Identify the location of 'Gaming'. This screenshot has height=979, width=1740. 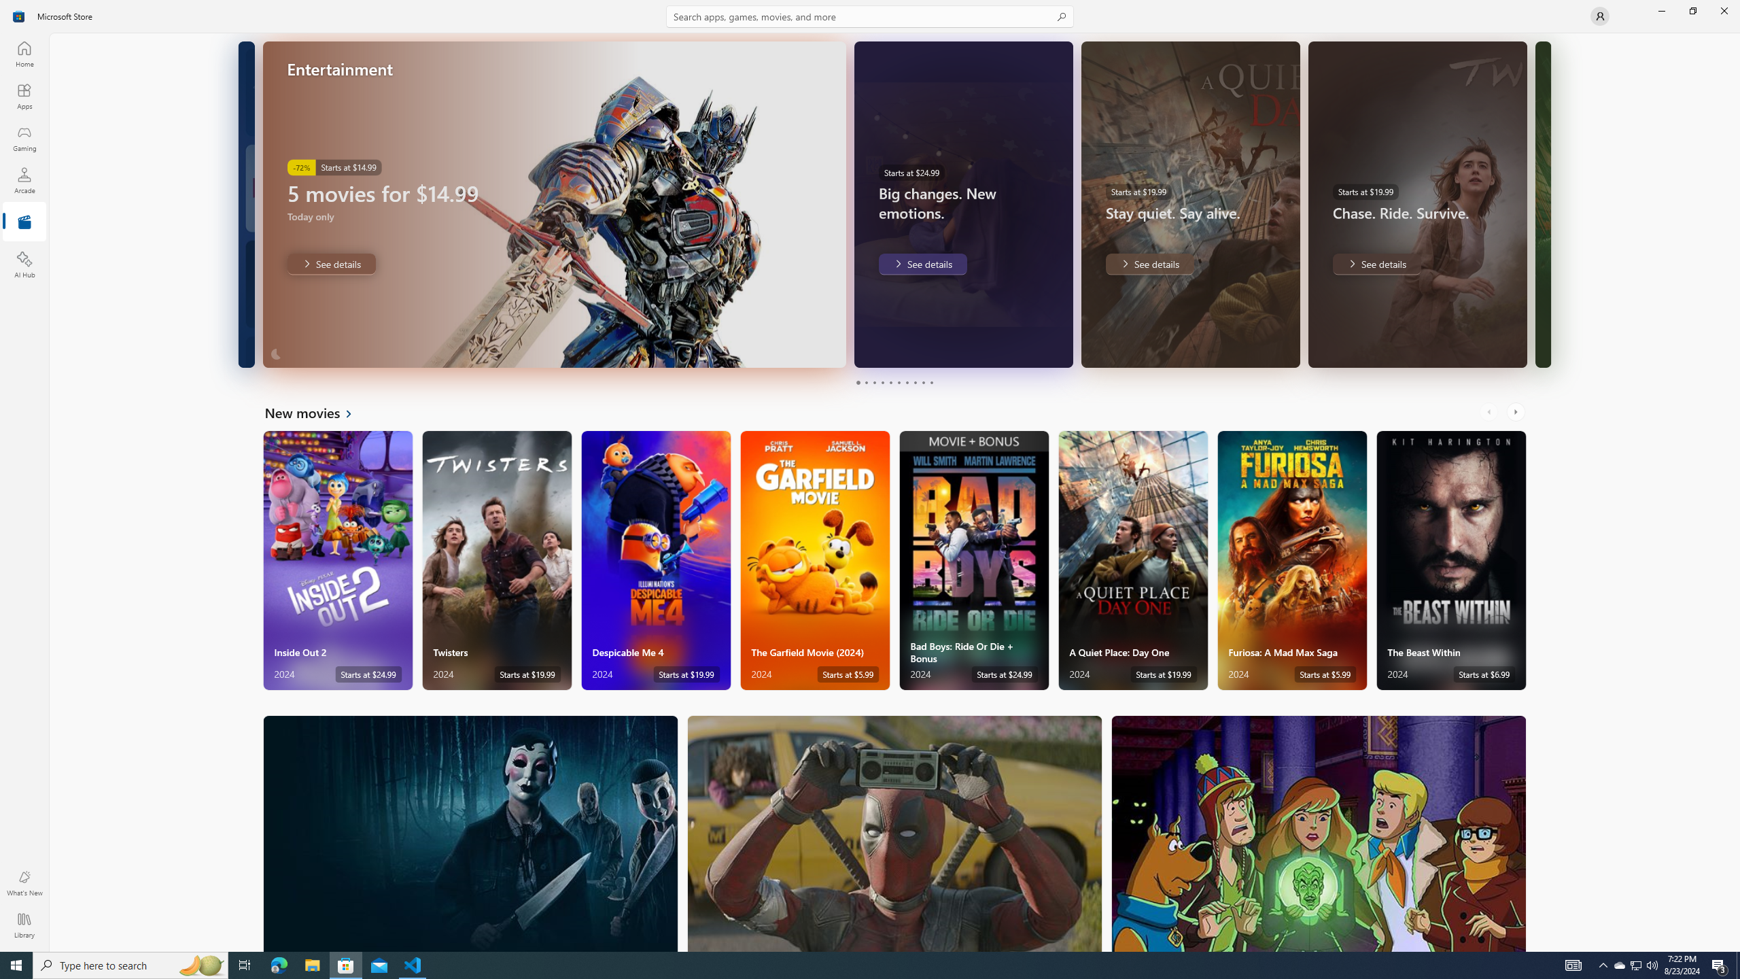
(23, 137).